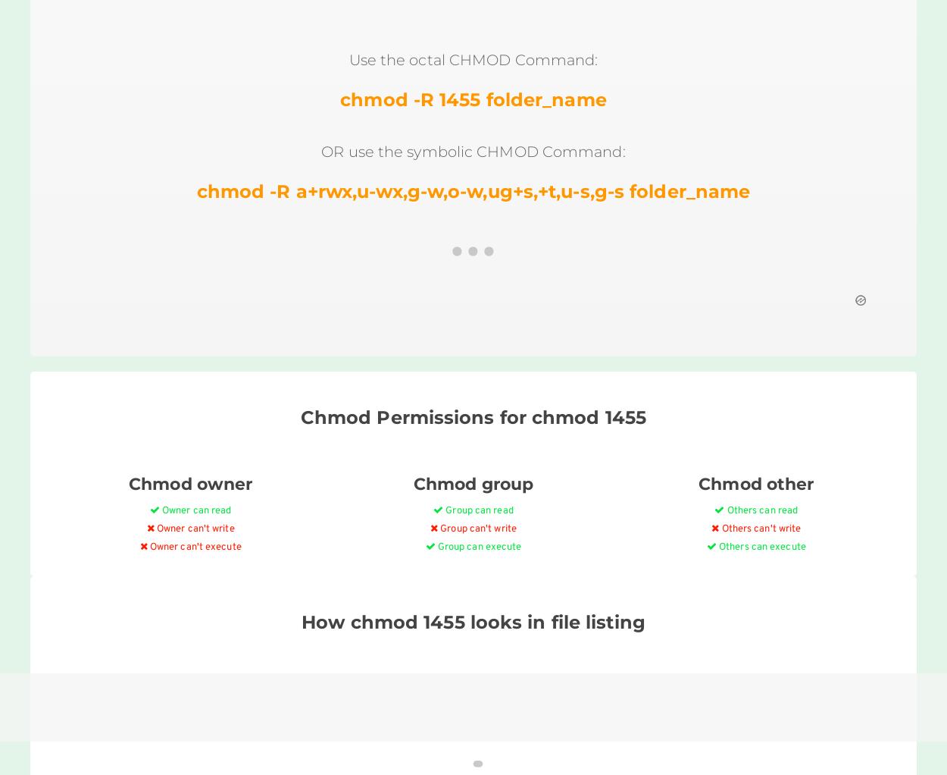  I want to click on 'looks in file listing', so click(464, 620).